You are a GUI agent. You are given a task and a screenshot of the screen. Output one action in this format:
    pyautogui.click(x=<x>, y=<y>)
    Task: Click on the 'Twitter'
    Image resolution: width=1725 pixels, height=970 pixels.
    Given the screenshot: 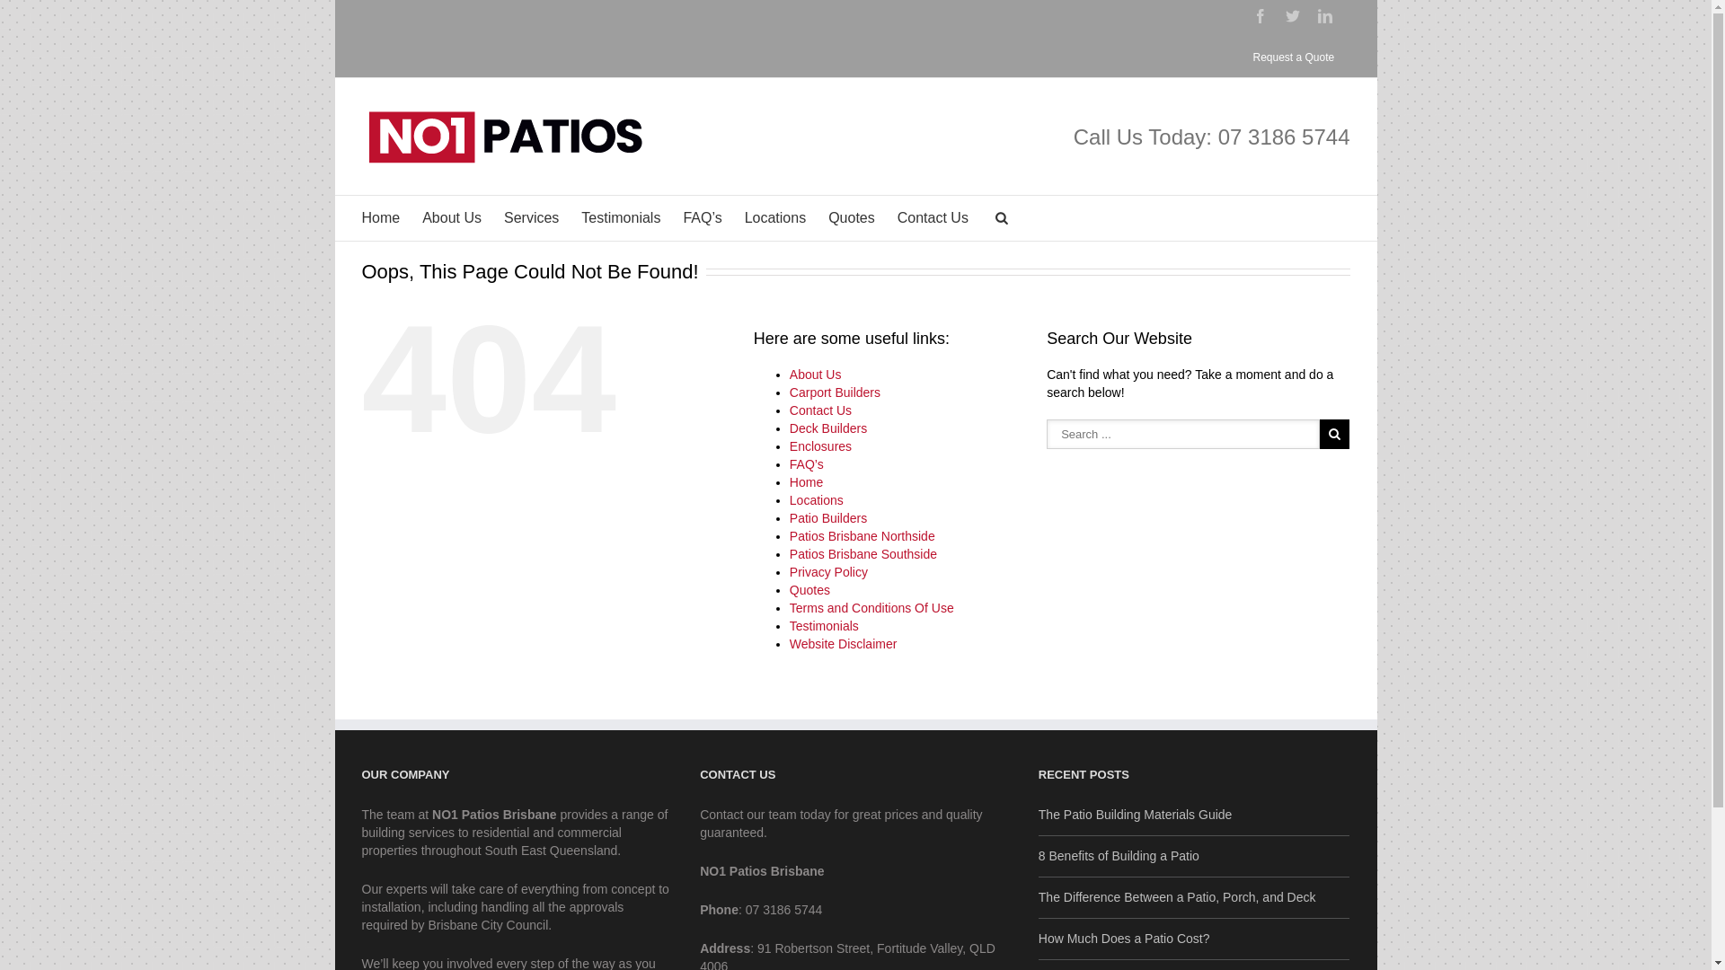 What is the action you would take?
    pyautogui.click(x=1291, y=16)
    